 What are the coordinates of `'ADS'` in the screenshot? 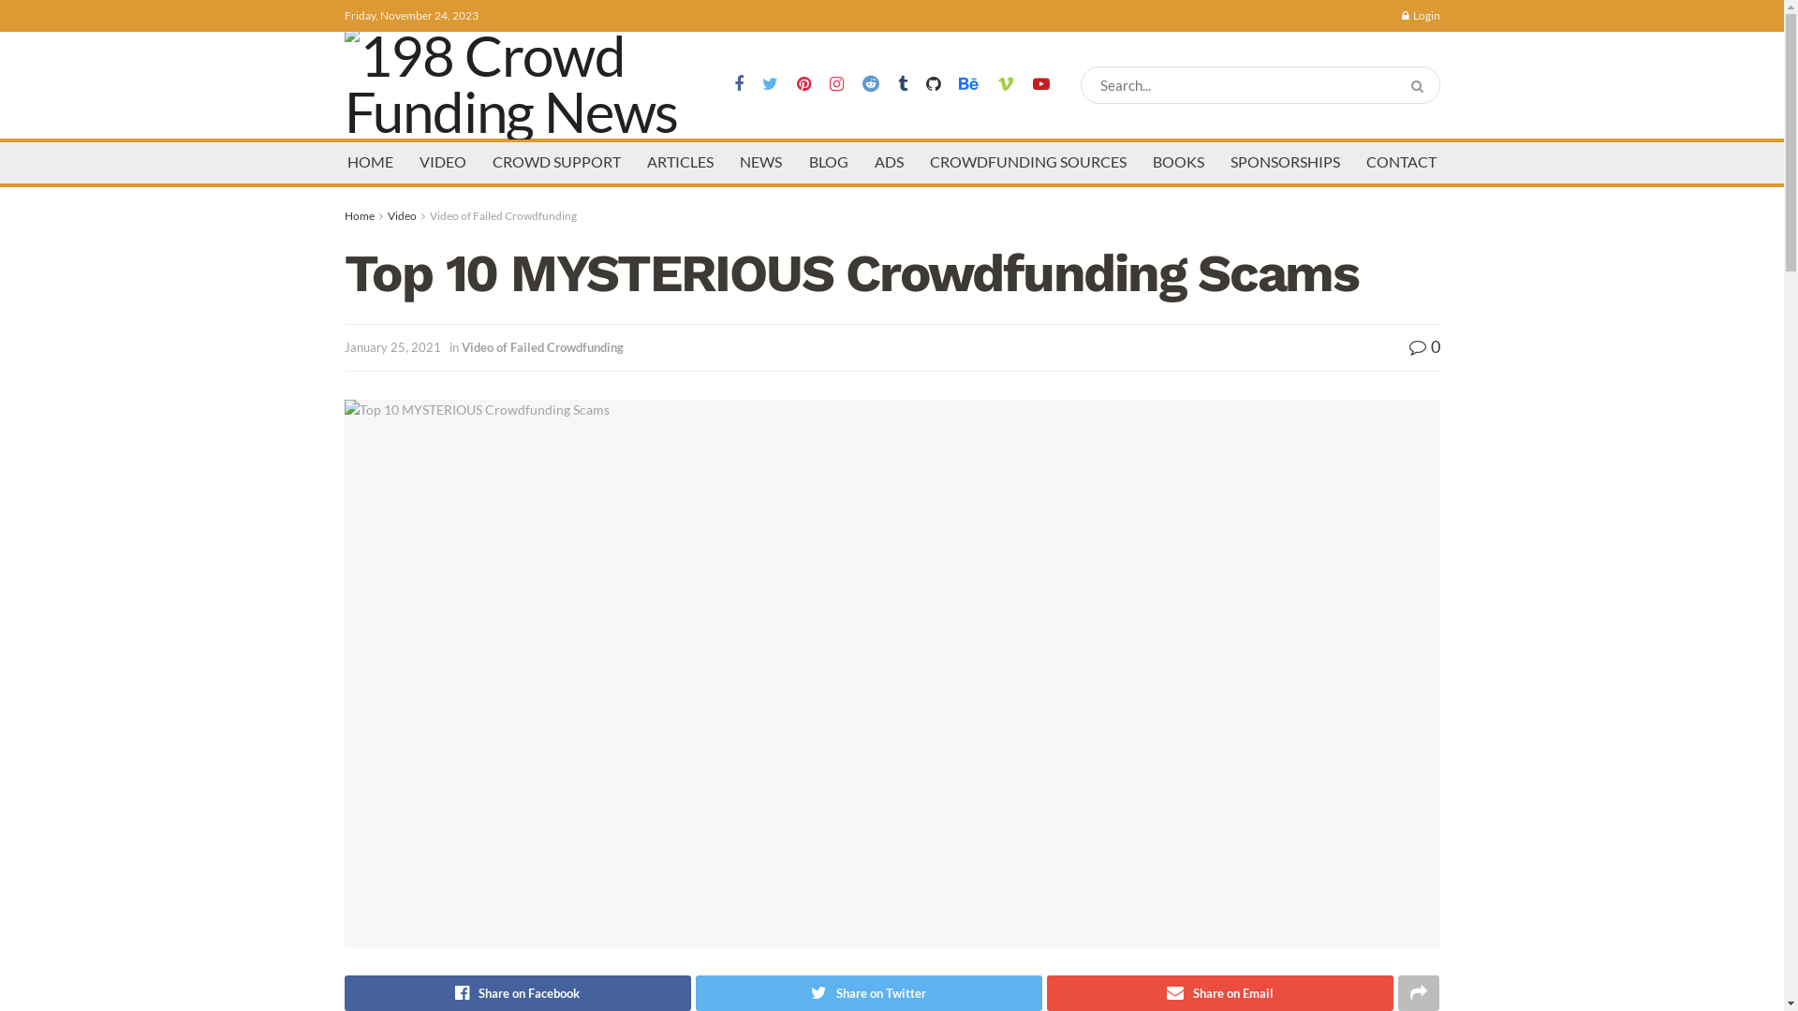 It's located at (888, 160).